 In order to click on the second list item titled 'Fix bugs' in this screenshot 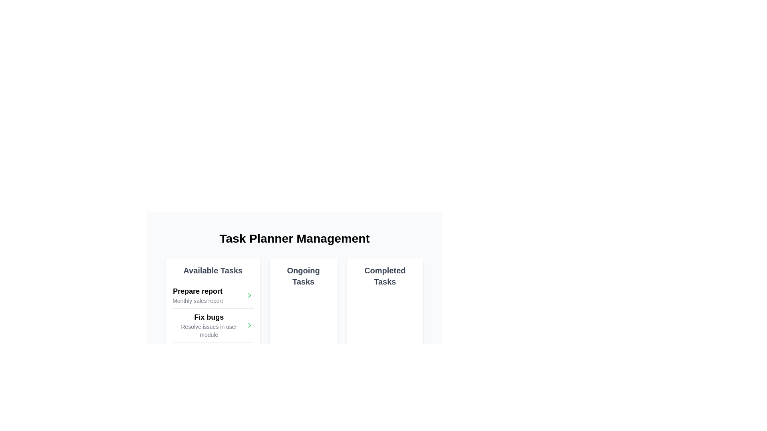, I will do `click(213, 325)`.